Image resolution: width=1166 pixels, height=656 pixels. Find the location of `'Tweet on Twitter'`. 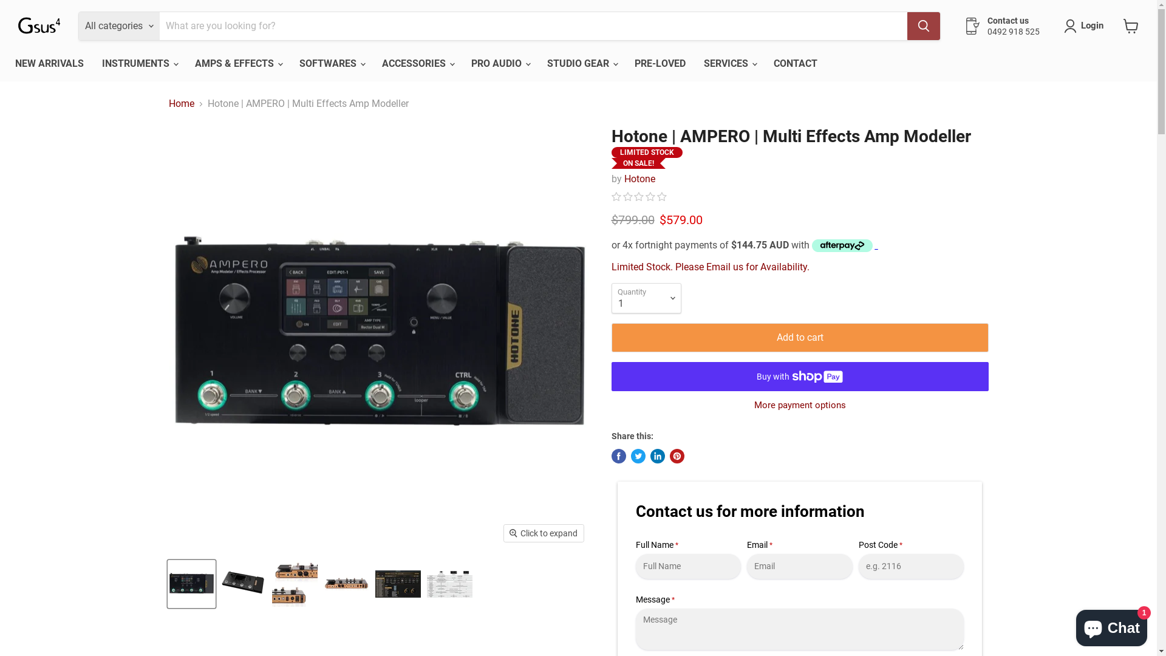

'Tweet on Twitter' is located at coordinates (630, 456).